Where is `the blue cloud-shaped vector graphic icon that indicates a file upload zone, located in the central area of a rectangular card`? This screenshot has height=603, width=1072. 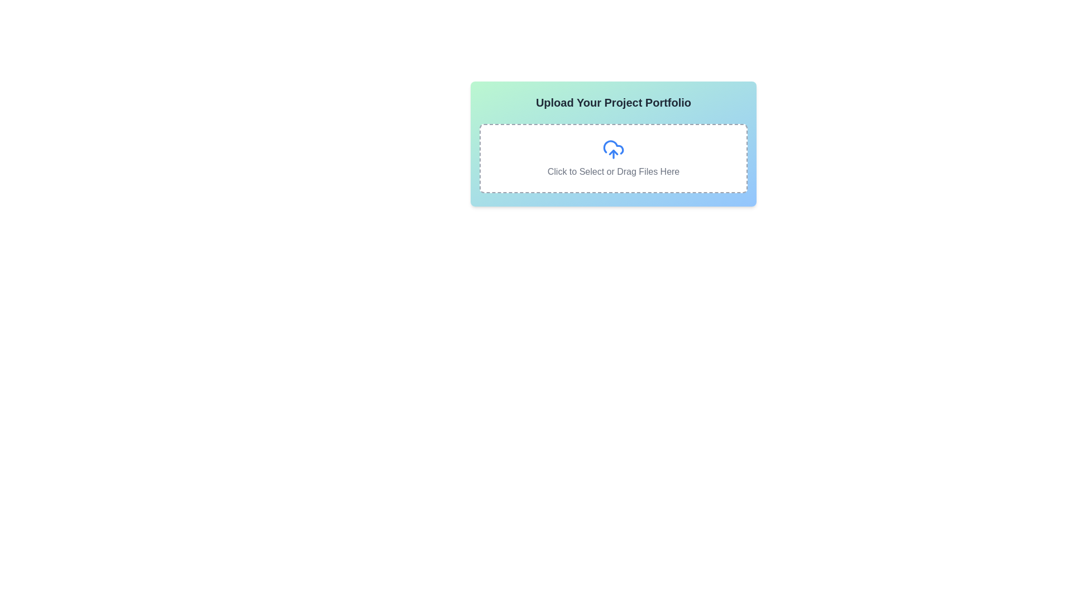 the blue cloud-shaped vector graphic icon that indicates a file upload zone, located in the central area of a rectangular card is located at coordinates (613, 147).